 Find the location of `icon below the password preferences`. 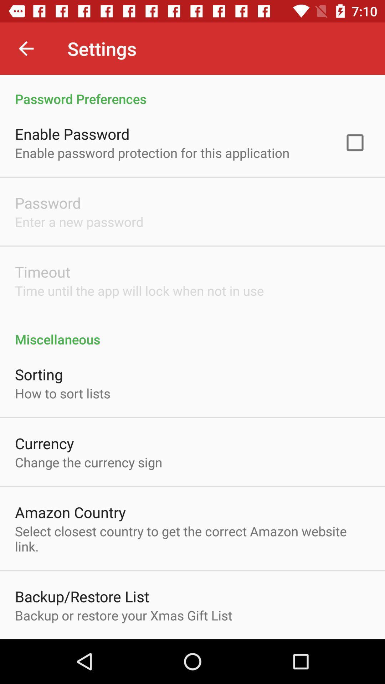

icon below the password preferences is located at coordinates (355, 142).